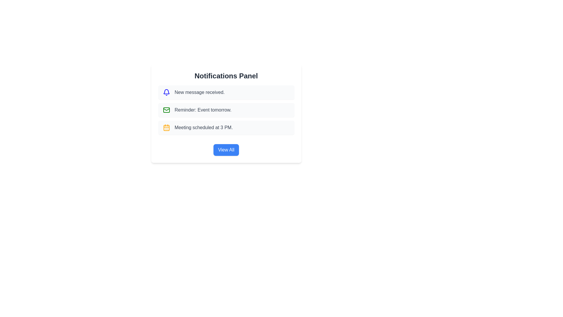  I want to click on the 'View All' button with a blue background and rounded edges located at the bottom of the Notifications Panel, so click(226, 149).